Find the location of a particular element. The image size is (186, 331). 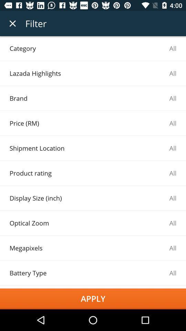

the icon to the left of the filter icon is located at coordinates (12, 23).